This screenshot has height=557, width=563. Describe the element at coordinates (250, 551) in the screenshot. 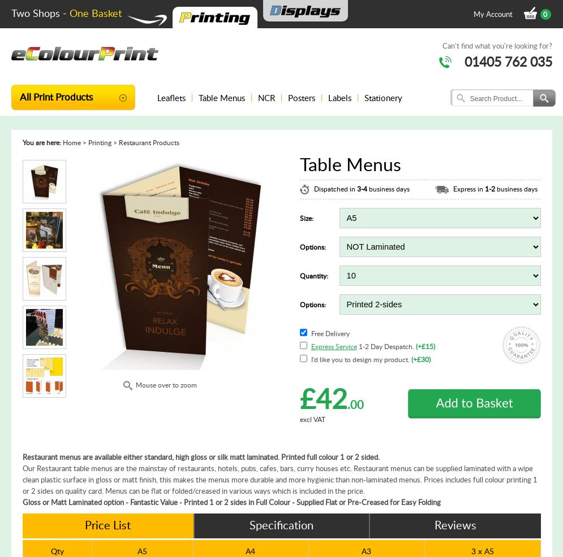

I see `'A4'` at that location.